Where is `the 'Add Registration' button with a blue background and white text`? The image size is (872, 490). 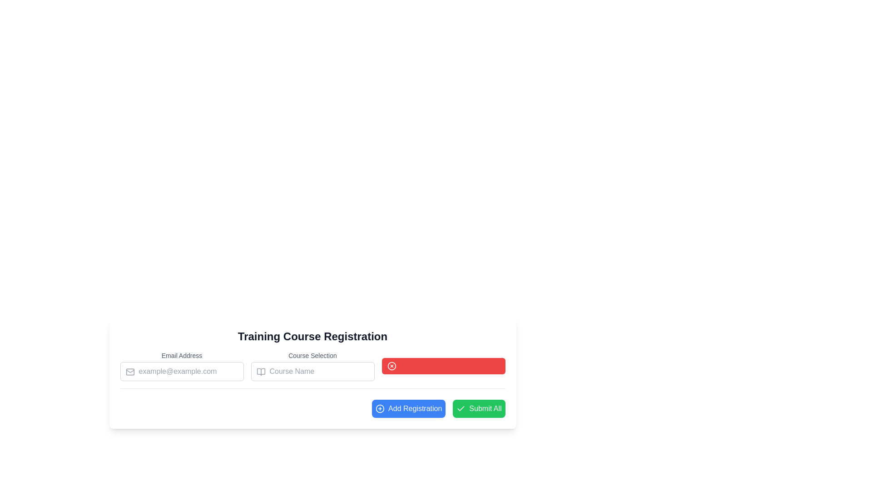 the 'Add Registration' button with a blue background and white text is located at coordinates (408, 409).